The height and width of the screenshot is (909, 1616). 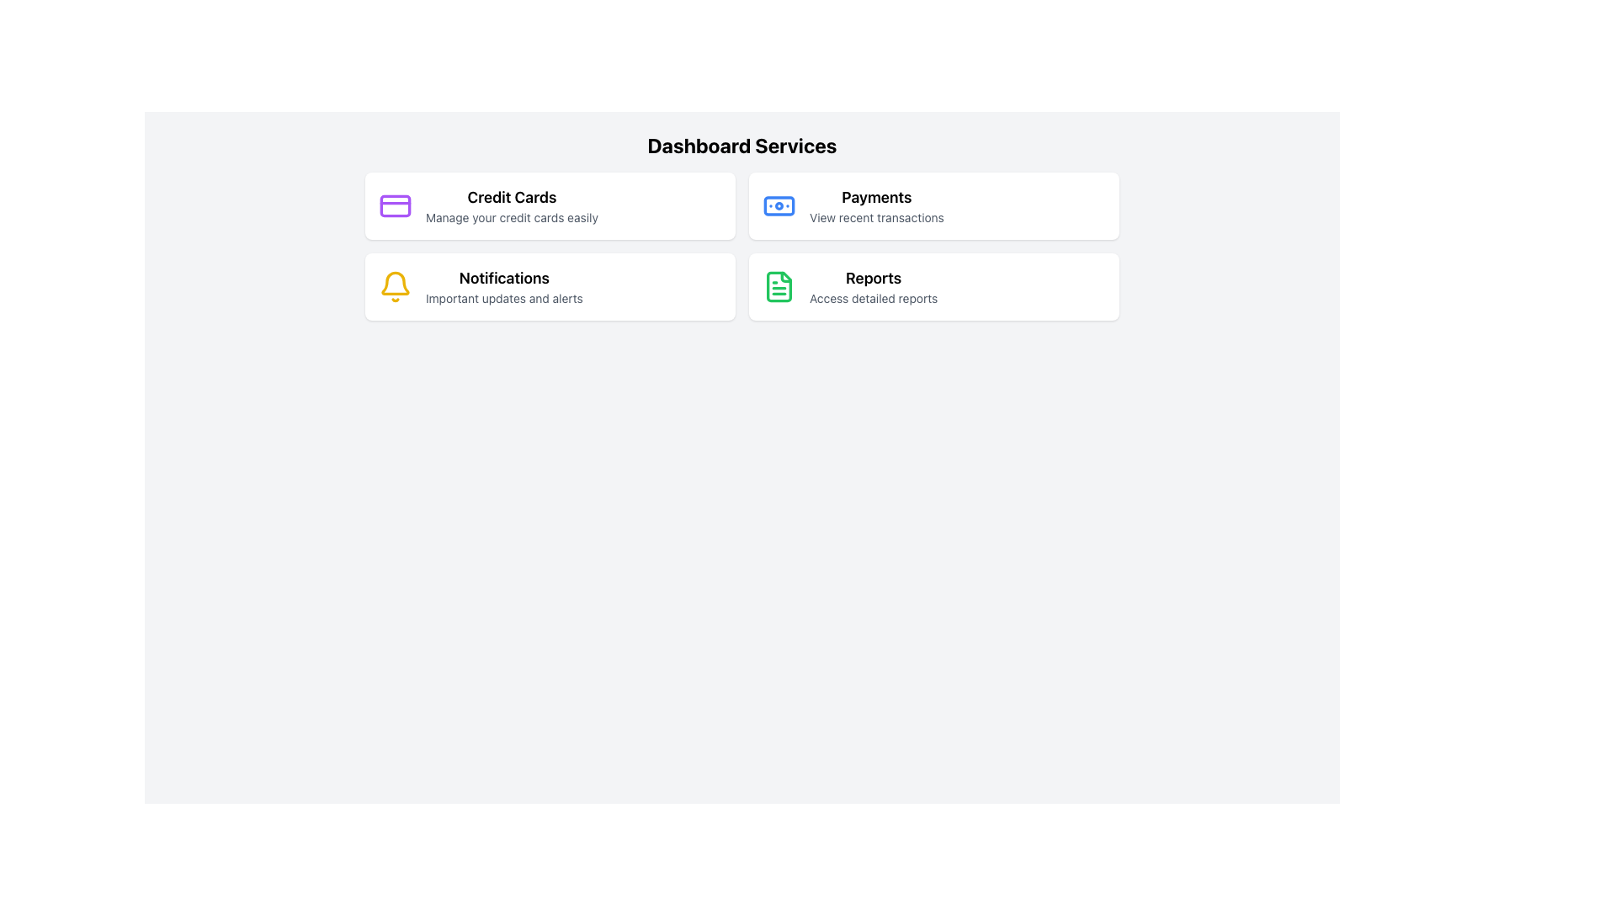 I want to click on code of the SVG Rectangle styled like a credit card located within the 'Credit Cards' section of the user interface, so click(x=395, y=204).